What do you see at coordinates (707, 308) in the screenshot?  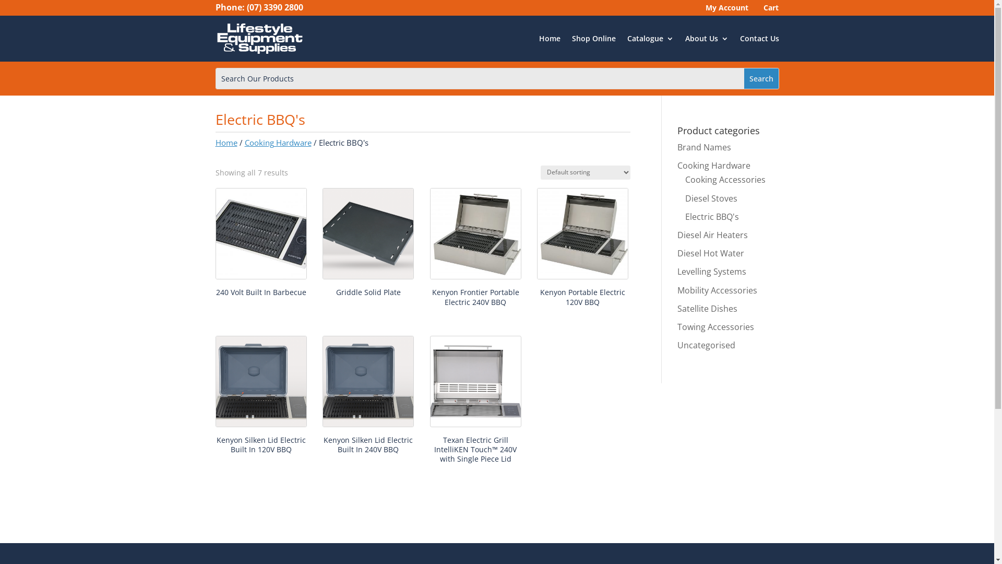 I see `'Satellite Dishes'` at bounding box center [707, 308].